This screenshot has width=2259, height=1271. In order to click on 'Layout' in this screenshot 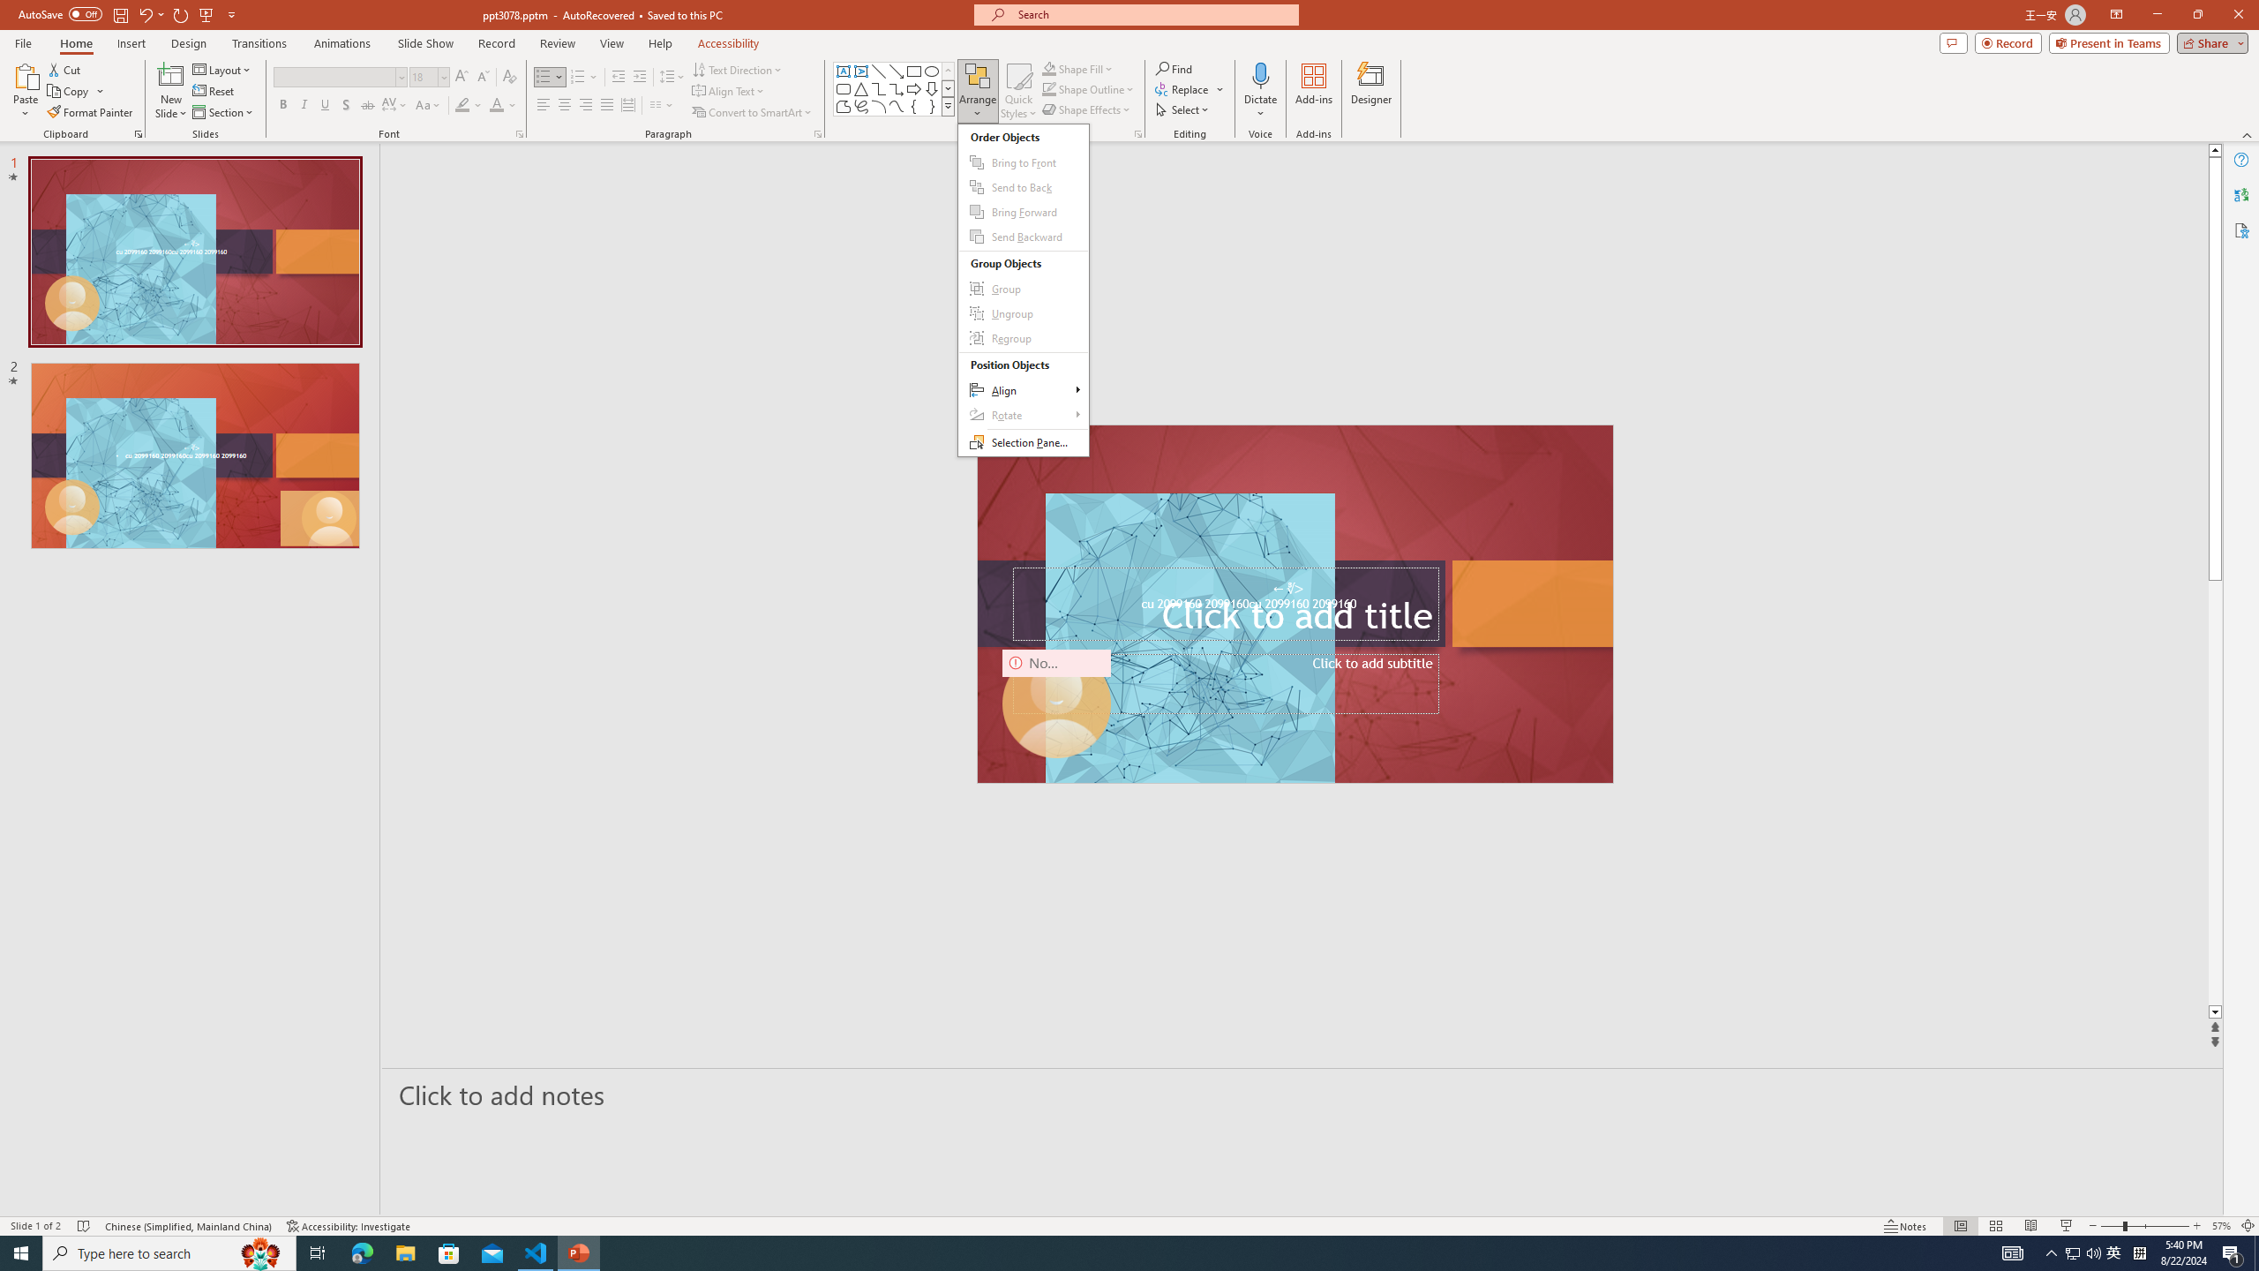, I will do `click(222, 69)`.